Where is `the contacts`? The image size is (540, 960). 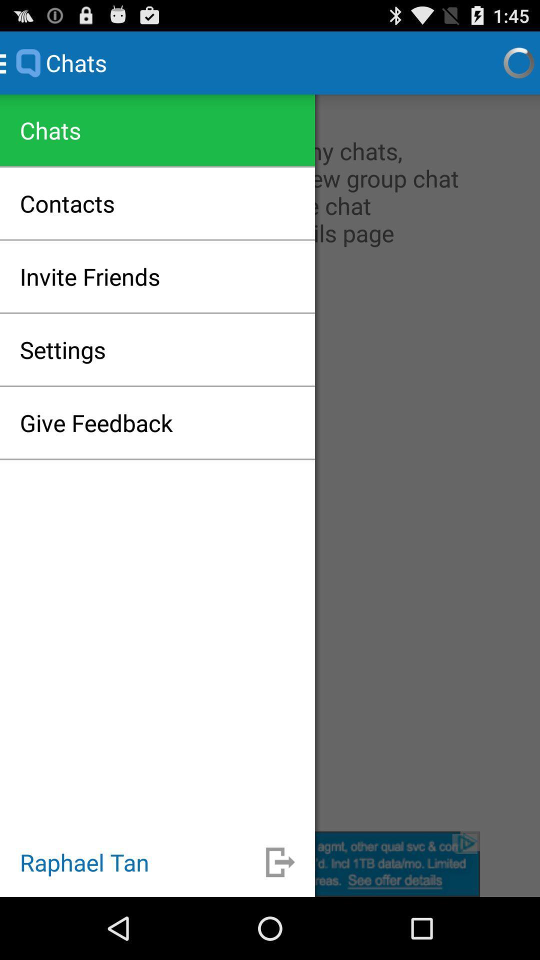
the contacts is located at coordinates (67, 202).